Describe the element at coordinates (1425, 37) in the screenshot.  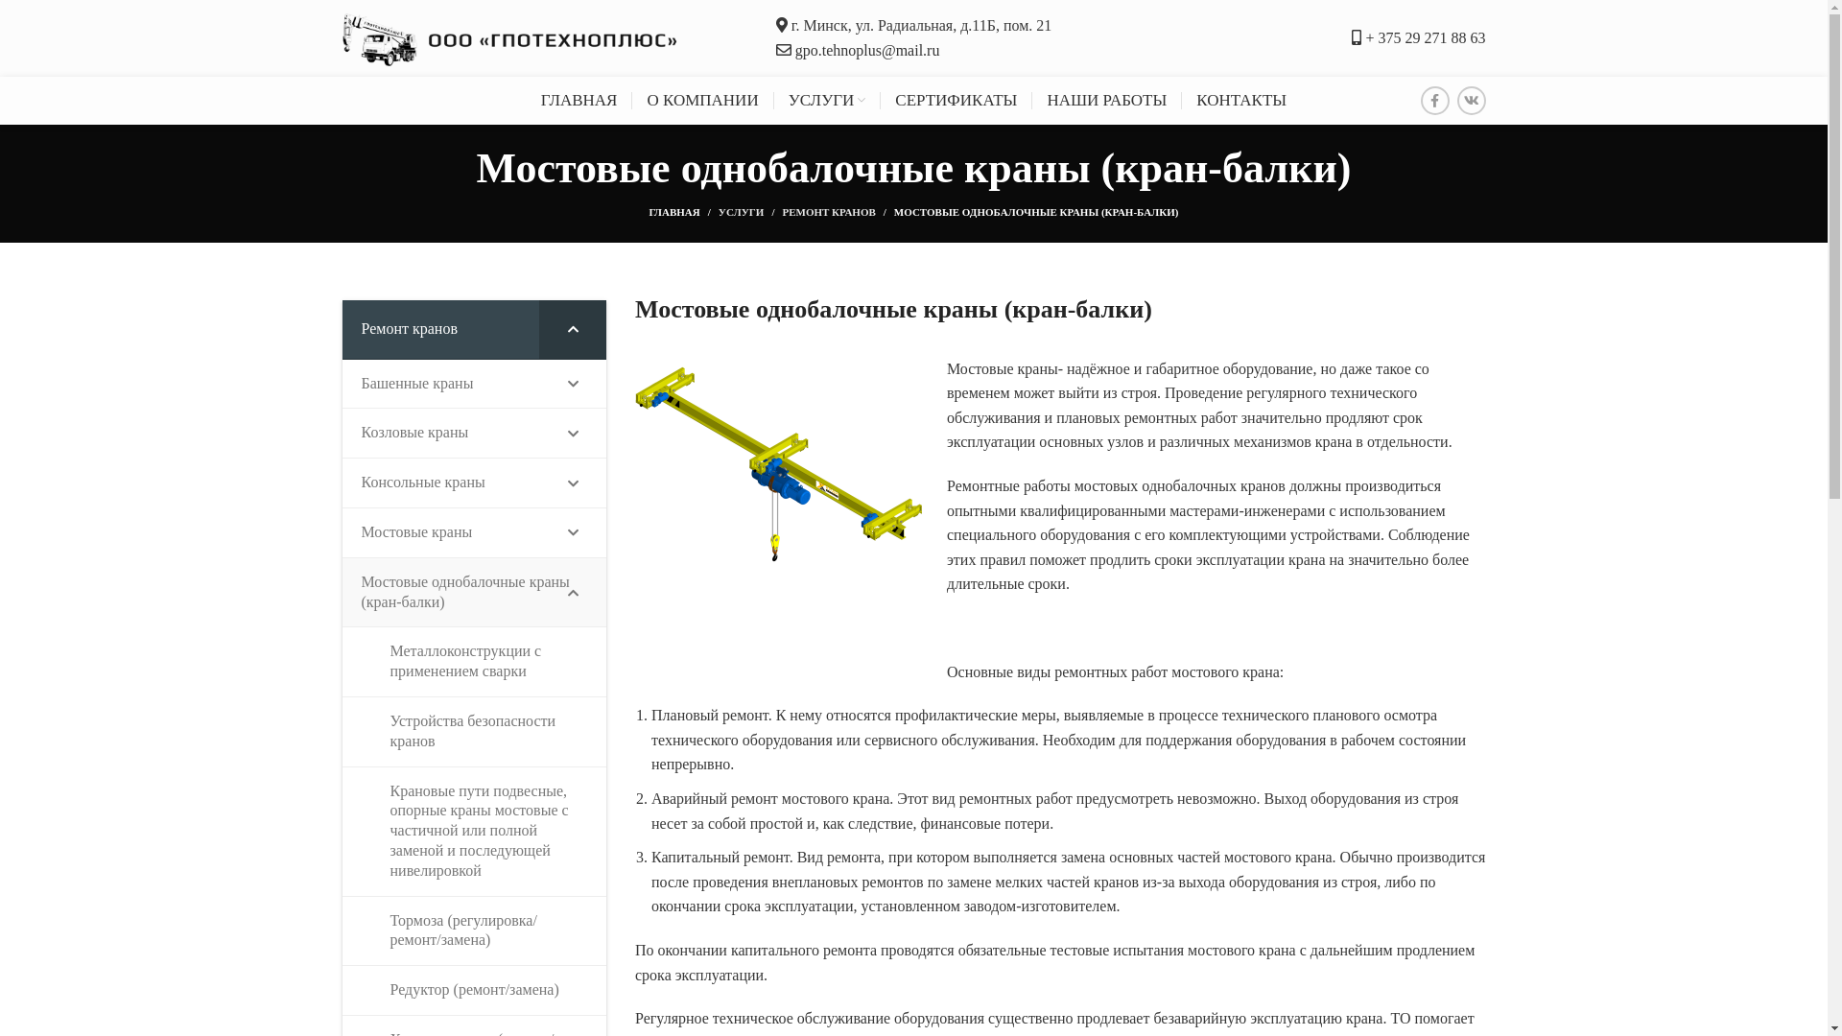
I see `'+ 375 29 271 88 63'` at that location.